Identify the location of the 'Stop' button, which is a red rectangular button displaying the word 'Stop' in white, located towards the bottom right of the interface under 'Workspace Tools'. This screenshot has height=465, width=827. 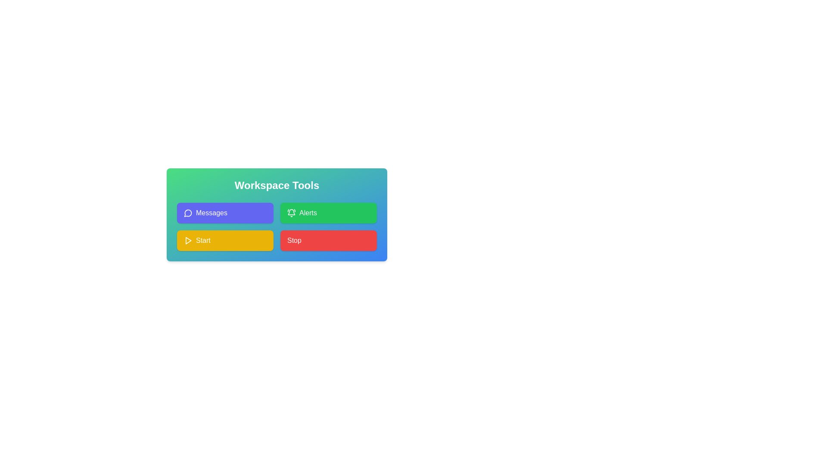
(294, 241).